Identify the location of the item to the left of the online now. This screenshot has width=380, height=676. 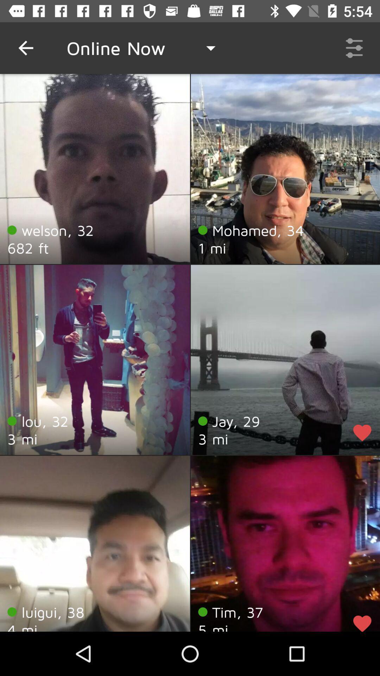
(25, 48).